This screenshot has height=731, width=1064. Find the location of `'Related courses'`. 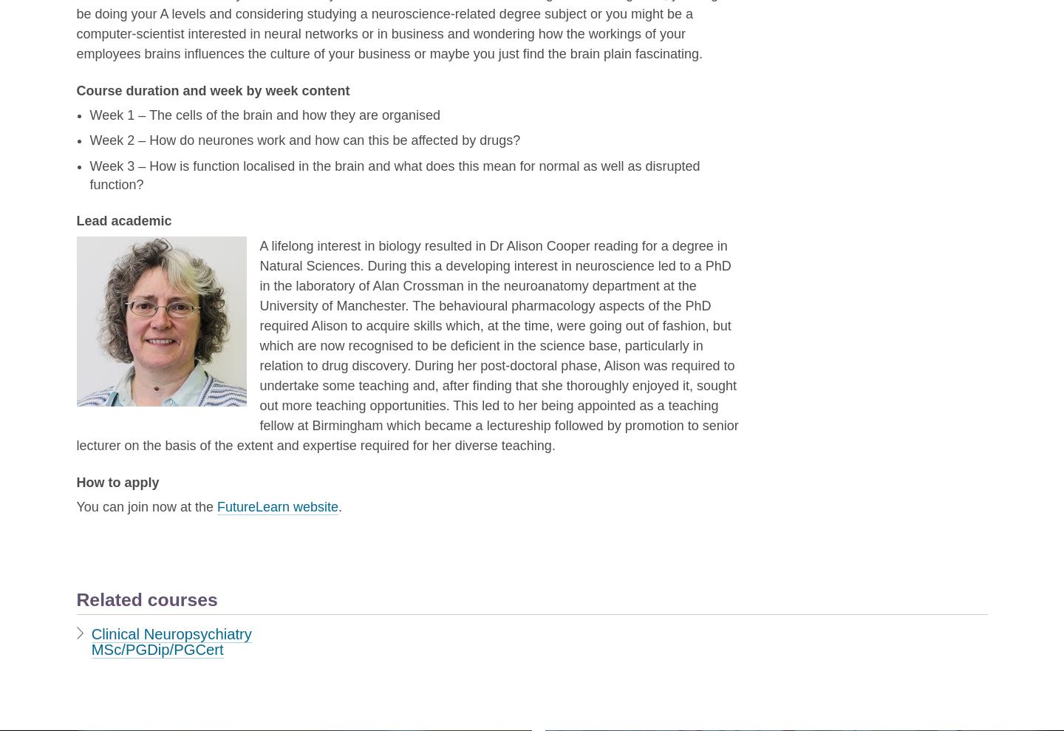

'Related courses' is located at coordinates (75, 599).